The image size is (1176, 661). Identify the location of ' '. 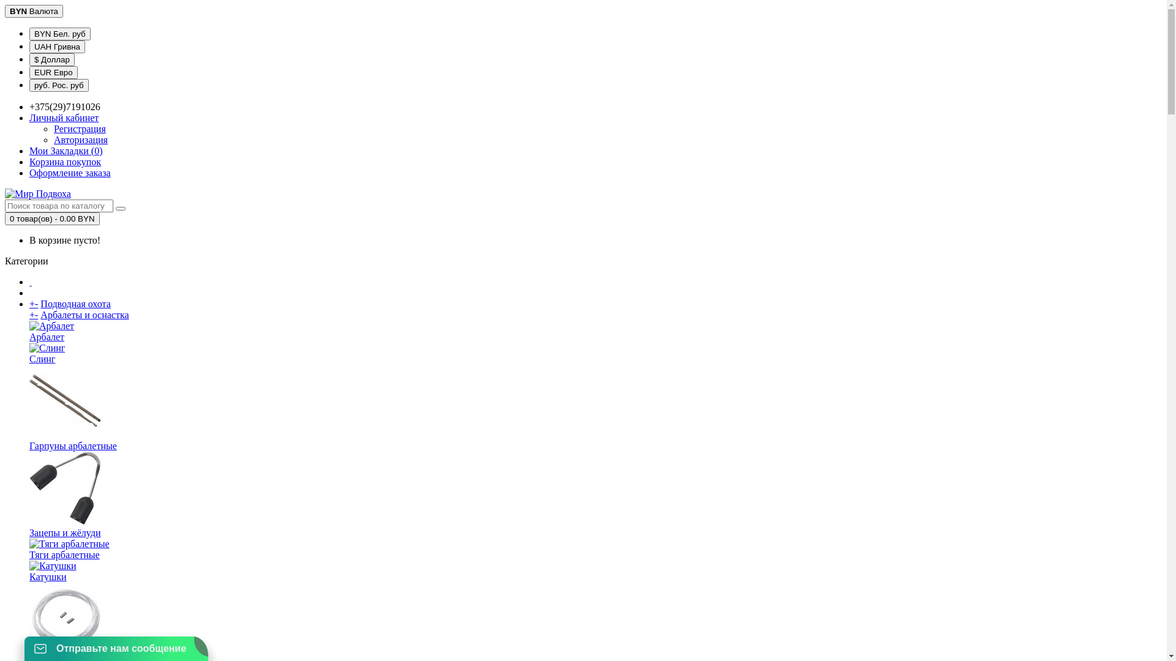
(30, 282).